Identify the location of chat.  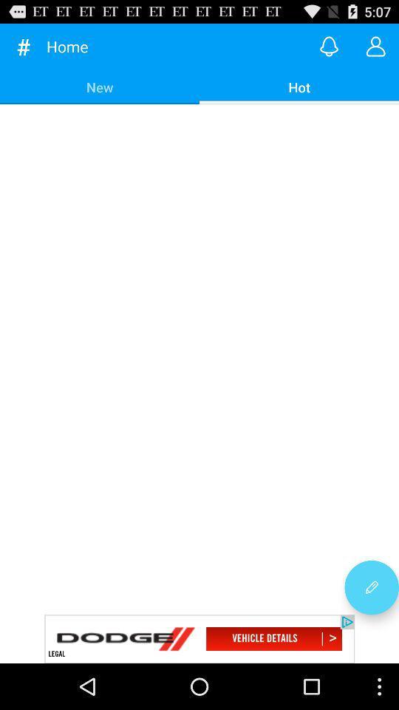
(375, 46).